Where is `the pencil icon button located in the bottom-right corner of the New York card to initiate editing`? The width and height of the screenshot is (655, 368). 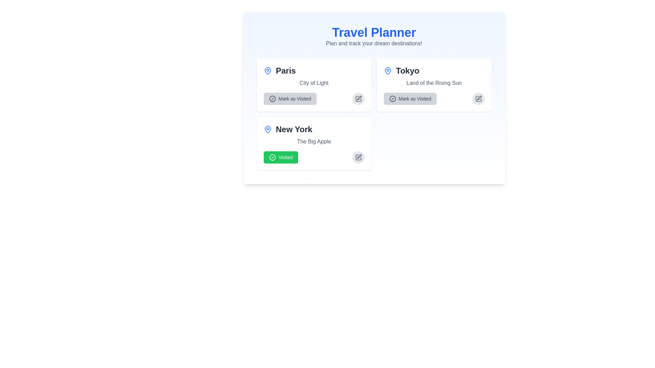 the pencil icon button located in the bottom-right corner of the New York card to initiate editing is located at coordinates (358, 157).